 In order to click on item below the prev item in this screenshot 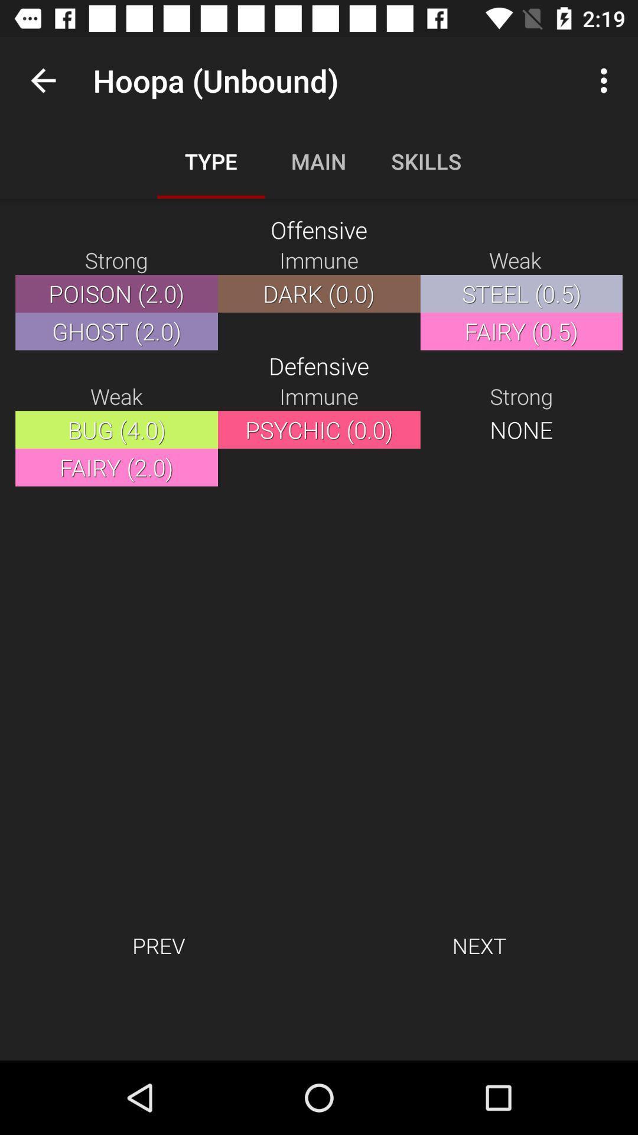, I will do `click(319, 1021)`.